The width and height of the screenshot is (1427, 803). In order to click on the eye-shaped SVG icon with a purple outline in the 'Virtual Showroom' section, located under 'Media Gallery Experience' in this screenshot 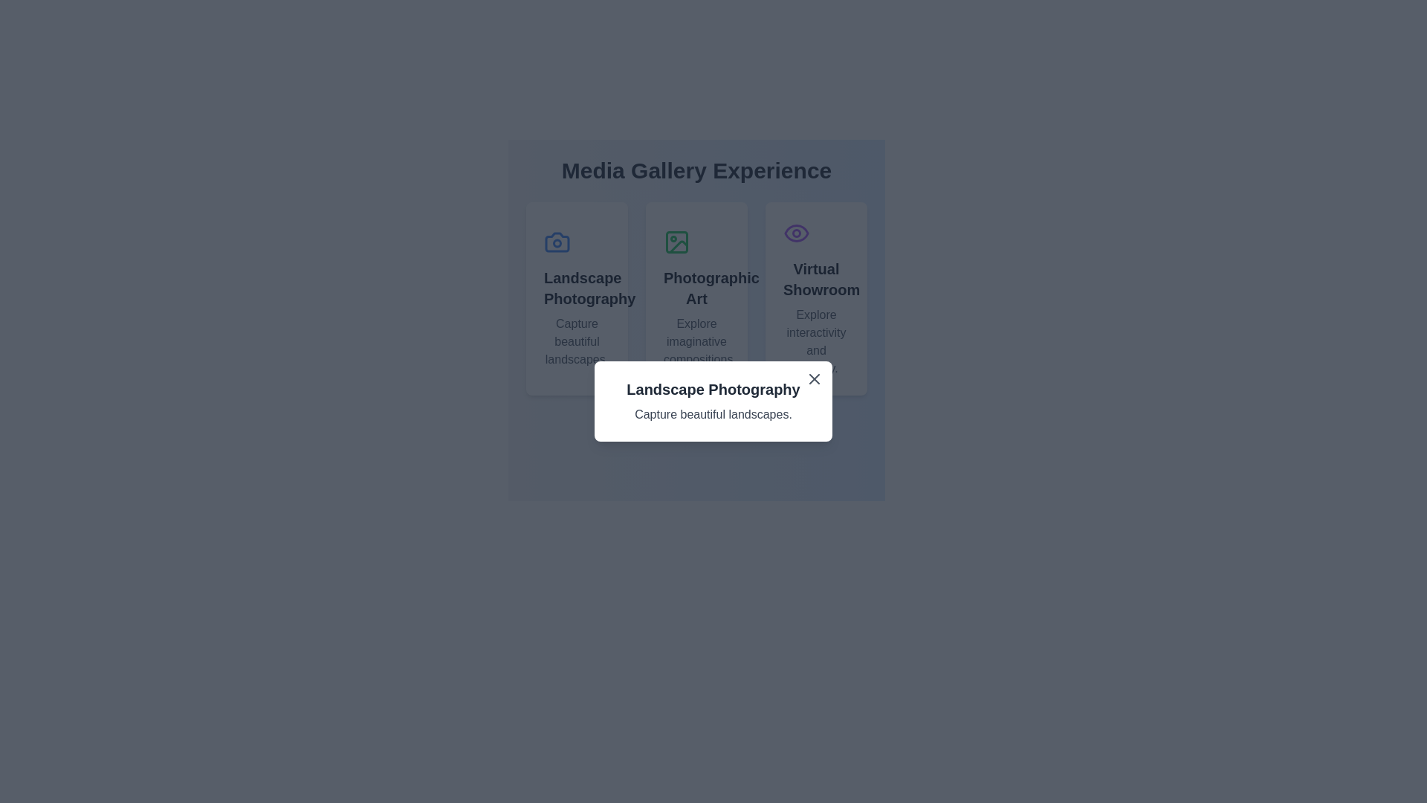, I will do `click(795, 233)`.